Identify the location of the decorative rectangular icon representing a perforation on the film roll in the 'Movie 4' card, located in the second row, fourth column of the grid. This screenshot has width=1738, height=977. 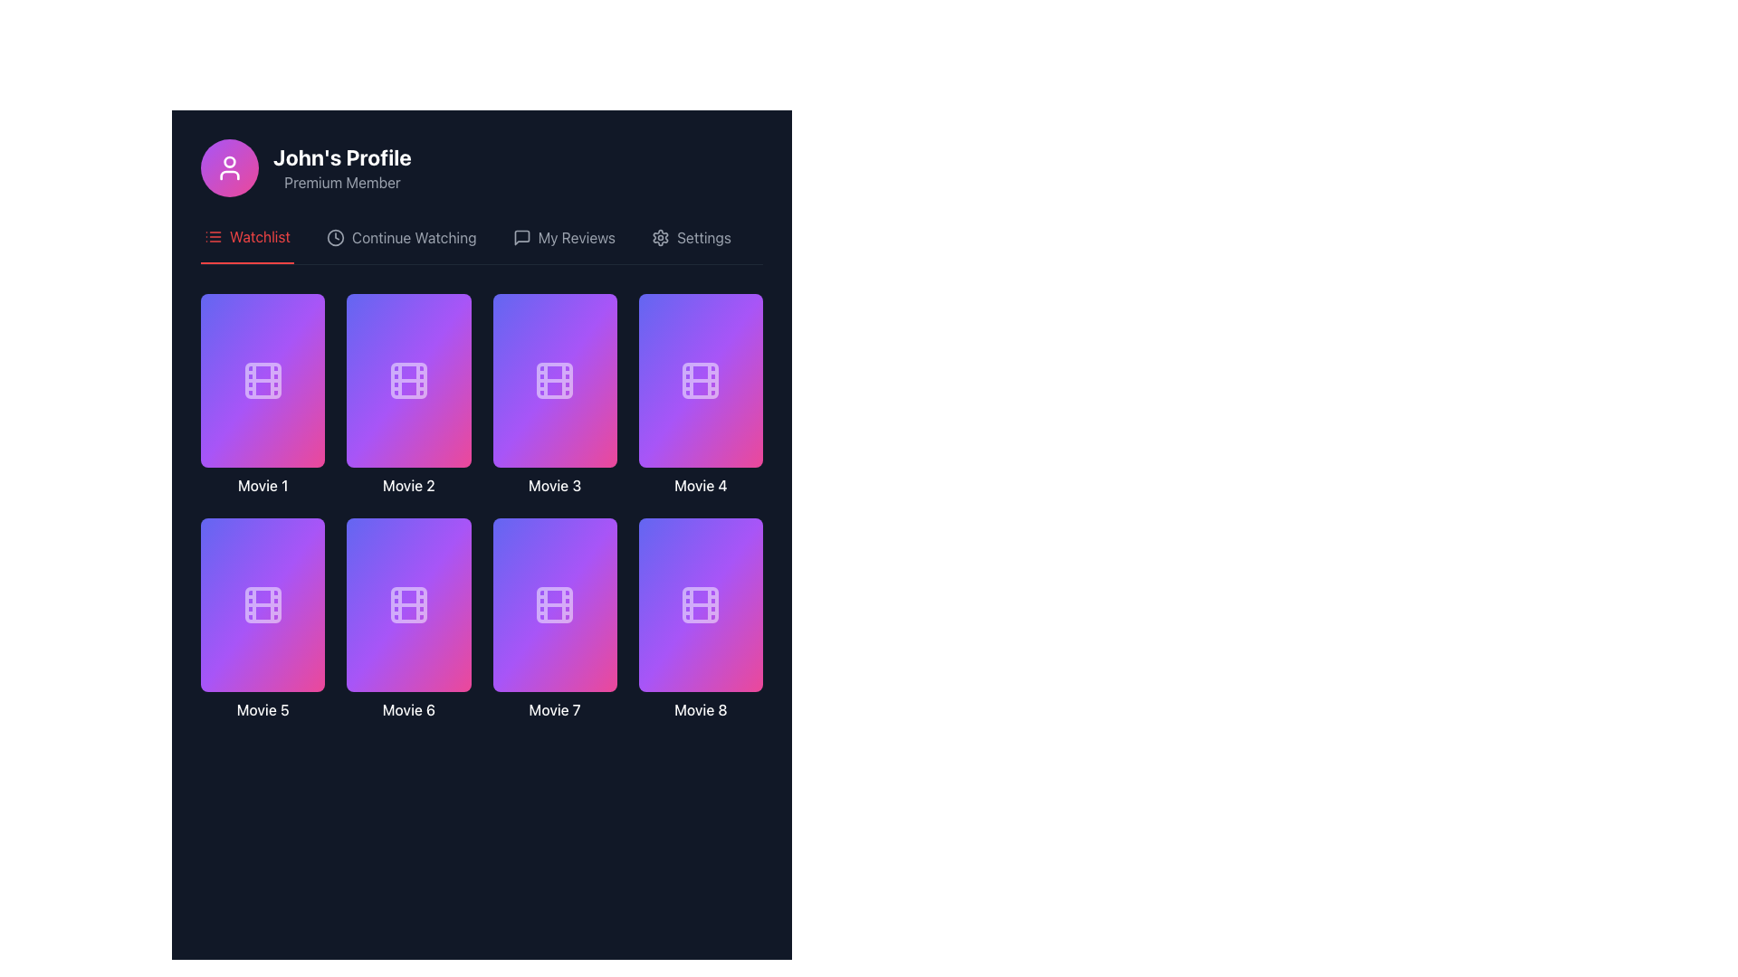
(700, 379).